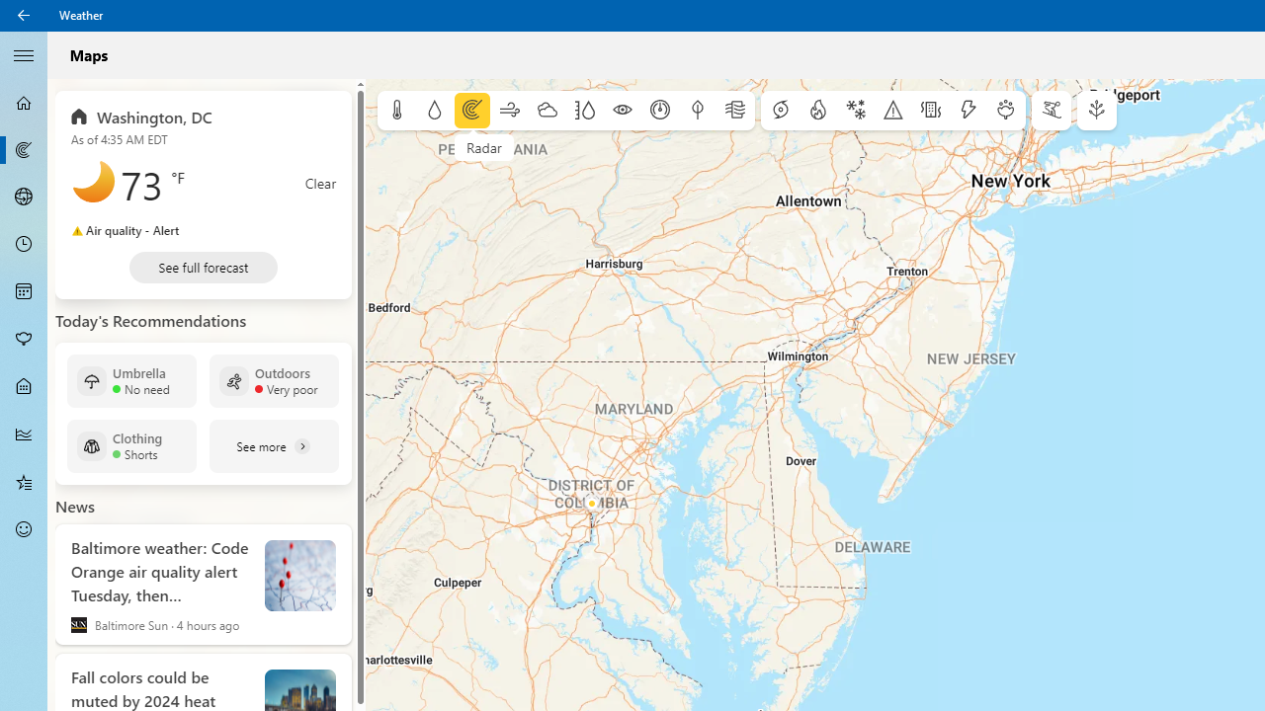  I want to click on 'Favorites - Not Selected', so click(24, 481).